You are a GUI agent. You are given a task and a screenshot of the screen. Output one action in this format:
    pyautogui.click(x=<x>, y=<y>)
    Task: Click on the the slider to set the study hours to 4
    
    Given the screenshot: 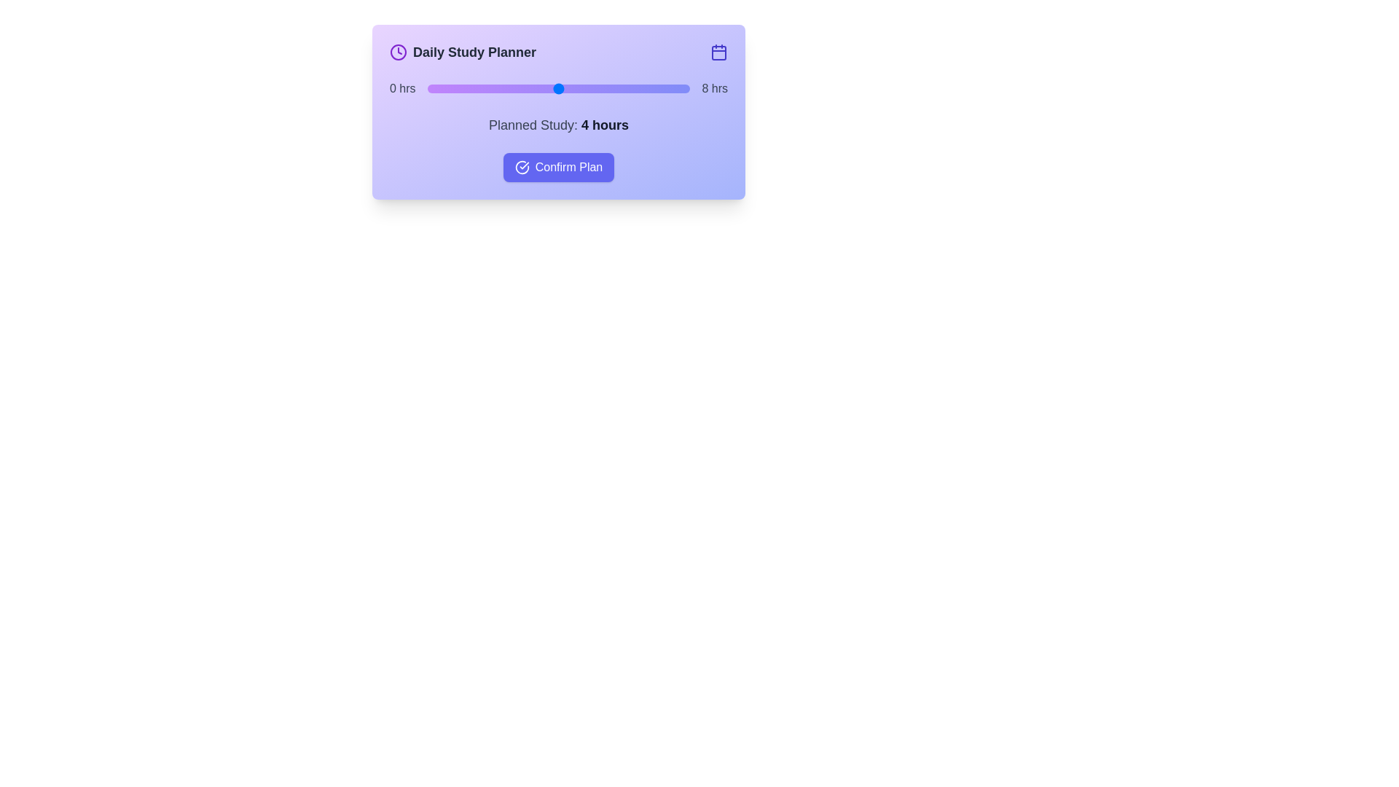 What is the action you would take?
    pyautogui.click(x=558, y=89)
    